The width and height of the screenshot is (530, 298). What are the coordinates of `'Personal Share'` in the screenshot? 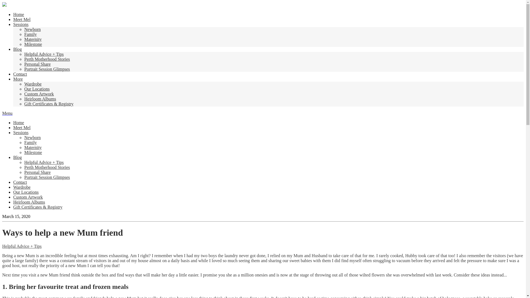 It's located at (37, 64).